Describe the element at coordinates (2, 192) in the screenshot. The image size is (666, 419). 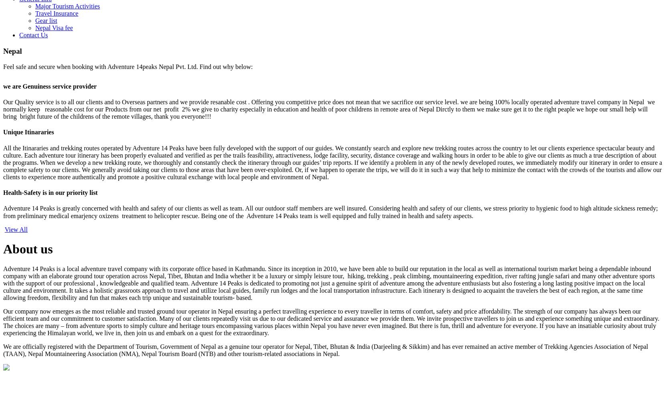
I see `'Health-Safety is in our priority list'` at that location.